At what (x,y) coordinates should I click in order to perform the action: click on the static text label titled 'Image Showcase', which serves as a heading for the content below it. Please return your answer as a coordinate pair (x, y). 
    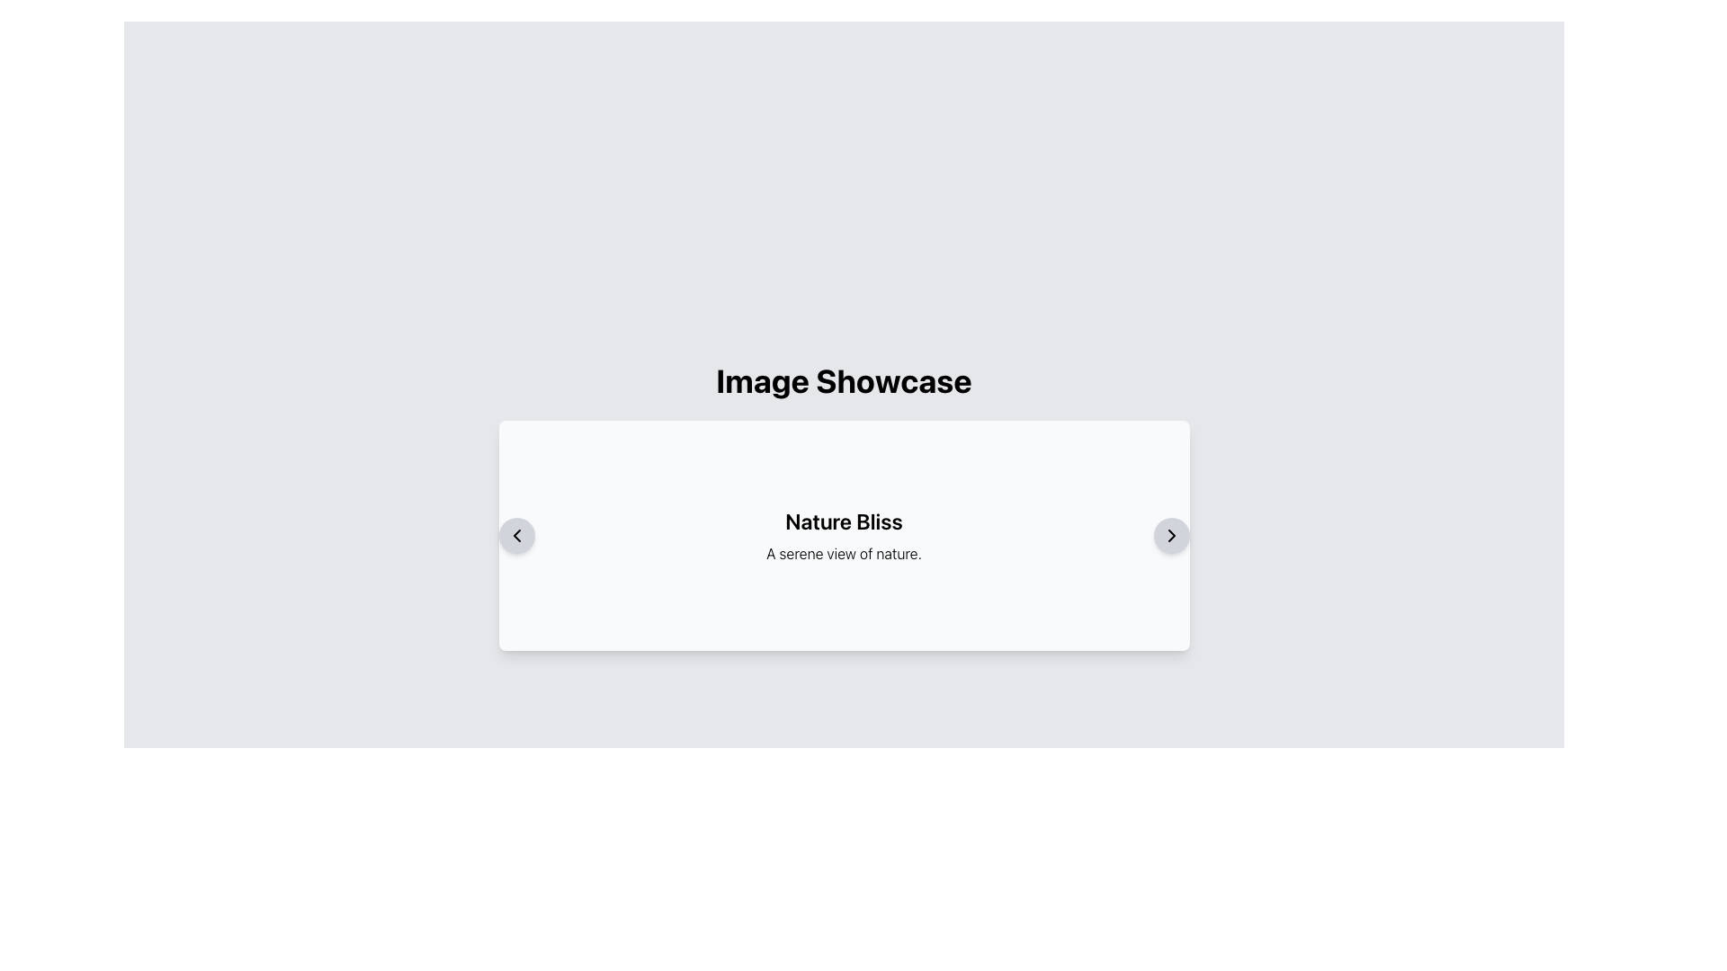
    Looking at the image, I should click on (843, 380).